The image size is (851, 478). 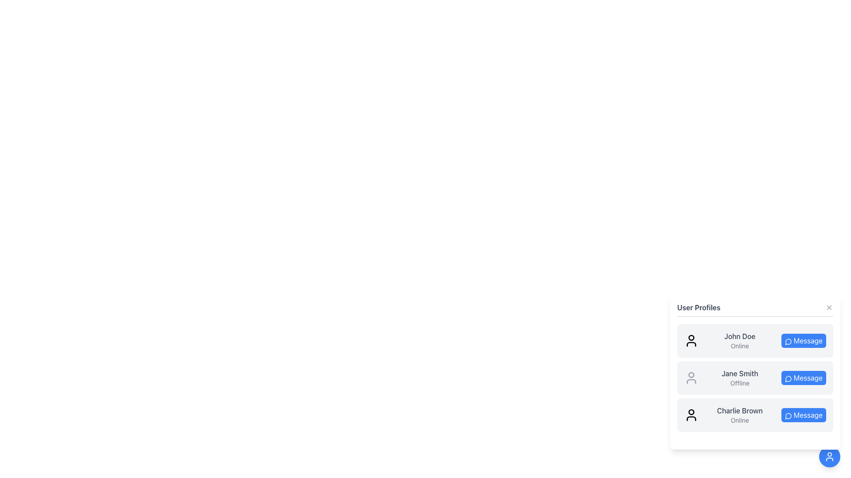 What do you see at coordinates (829, 307) in the screenshot?
I see `the close button located in the top-right corner of the user profile panel` at bounding box center [829, 307].